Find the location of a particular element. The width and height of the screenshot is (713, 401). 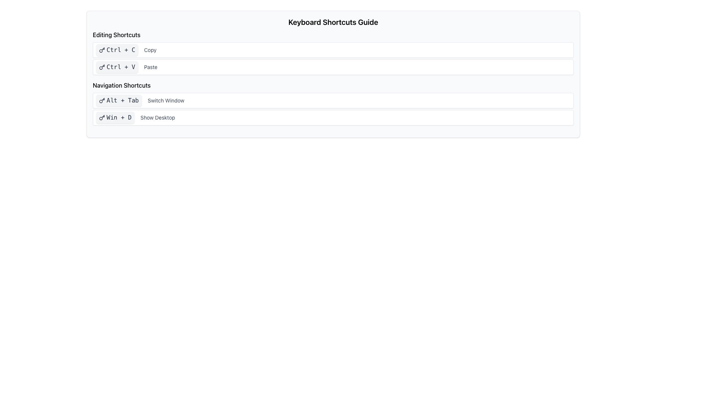

the text label displaying the keyboard shortcut 'Win + D' in the 'Navigation Shortcuts' section of the 'Keyboard Shortcuts Guide'. This label indicates the function is located at coordinates (119, 117).